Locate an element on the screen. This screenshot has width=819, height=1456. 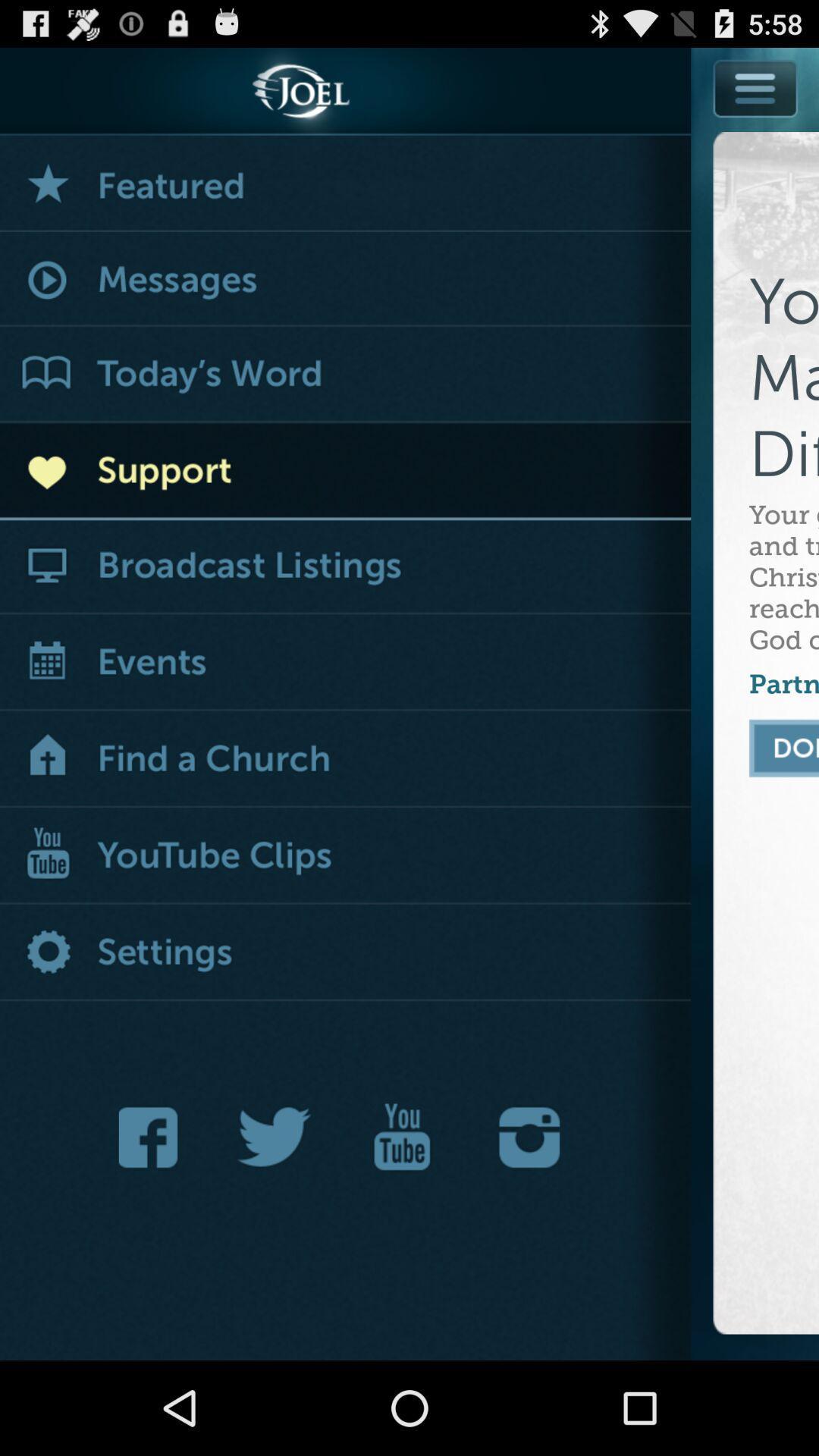
the date_range icon is located at coordinates (401, 1217).